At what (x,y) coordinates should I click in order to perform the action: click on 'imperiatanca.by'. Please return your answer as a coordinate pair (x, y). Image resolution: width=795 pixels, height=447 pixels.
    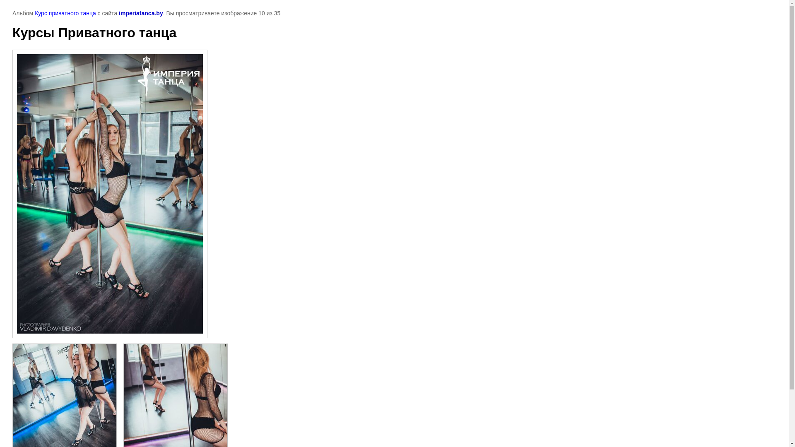
    Looking at the image, I should click on (141, 13).